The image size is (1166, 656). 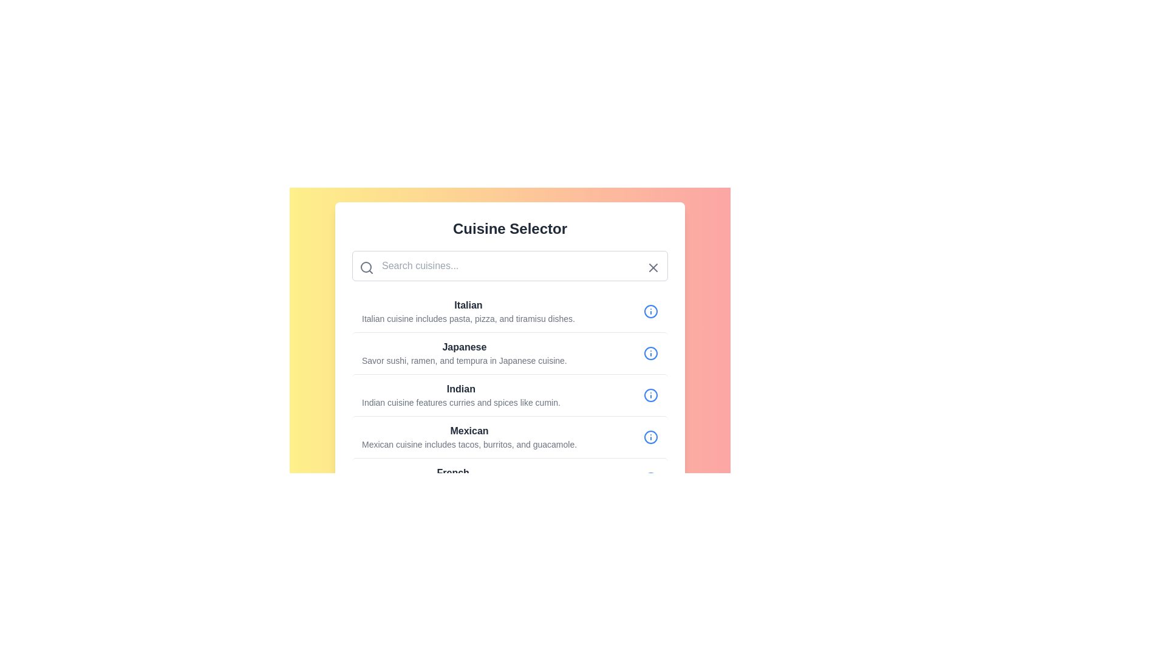 What do you see at coordinates (650, 437) in the screenshot?
I see `the informational icon with a blue stroke located to the right of the text 'Mexican'` at bounding box center [650, 437].